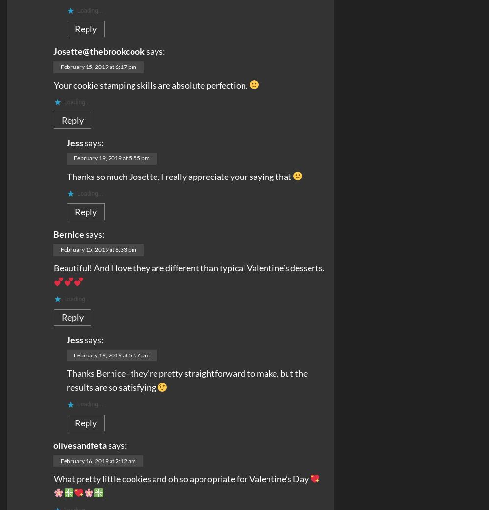  What do you see at coordinates (80, 444) in the screenshot?
I see `'olivesandfeta'` at bounding box center [80, 444].